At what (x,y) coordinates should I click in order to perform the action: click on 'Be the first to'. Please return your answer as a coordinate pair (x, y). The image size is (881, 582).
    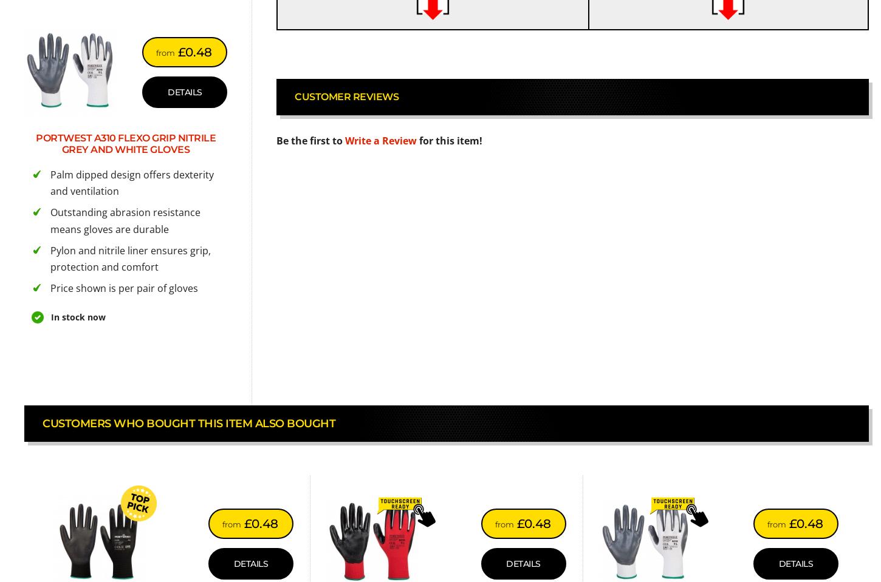
    Looking at the image, I should click on (309, 140).